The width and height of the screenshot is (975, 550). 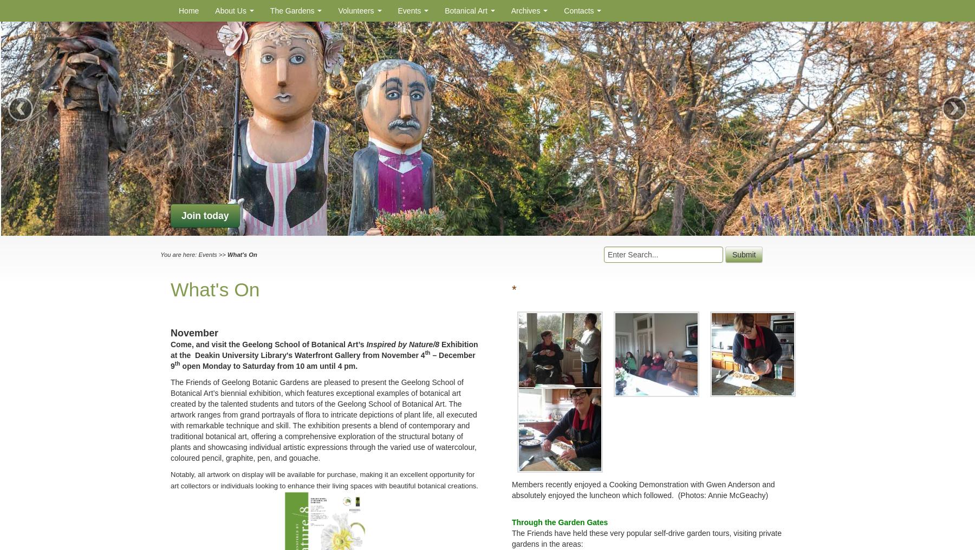 What do you see at coordinates (511, 538) in the screenshot?
I see `'The Friends have held these very popular self-drive garden tours, visiting private gardens in the areas:'` at bounding box center [511, 538].